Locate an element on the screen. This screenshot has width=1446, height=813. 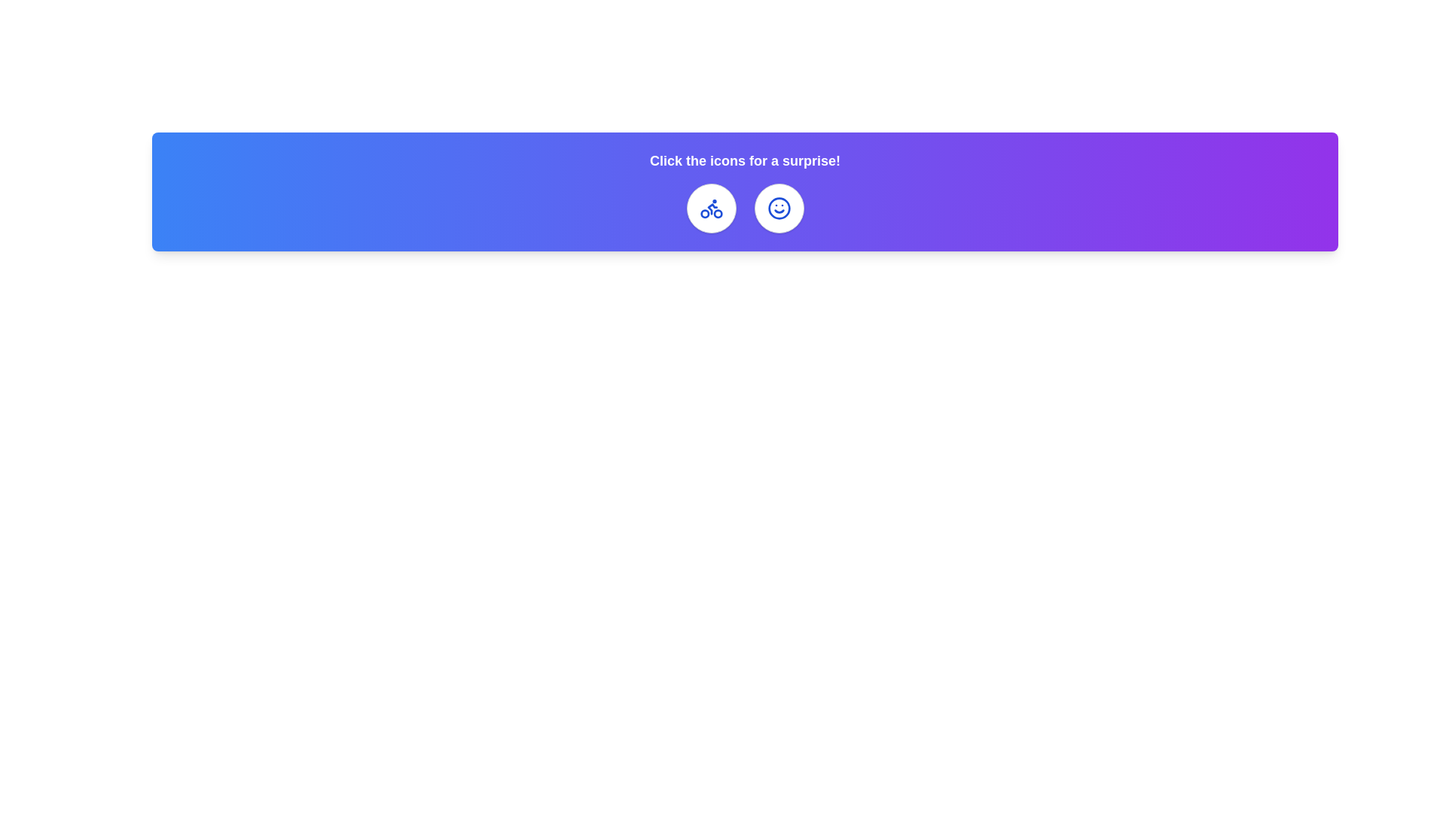
the button displaying a bicycle icon, which is located to the left of a circular button with a smiley face icon is located at coordinates (710, 209).